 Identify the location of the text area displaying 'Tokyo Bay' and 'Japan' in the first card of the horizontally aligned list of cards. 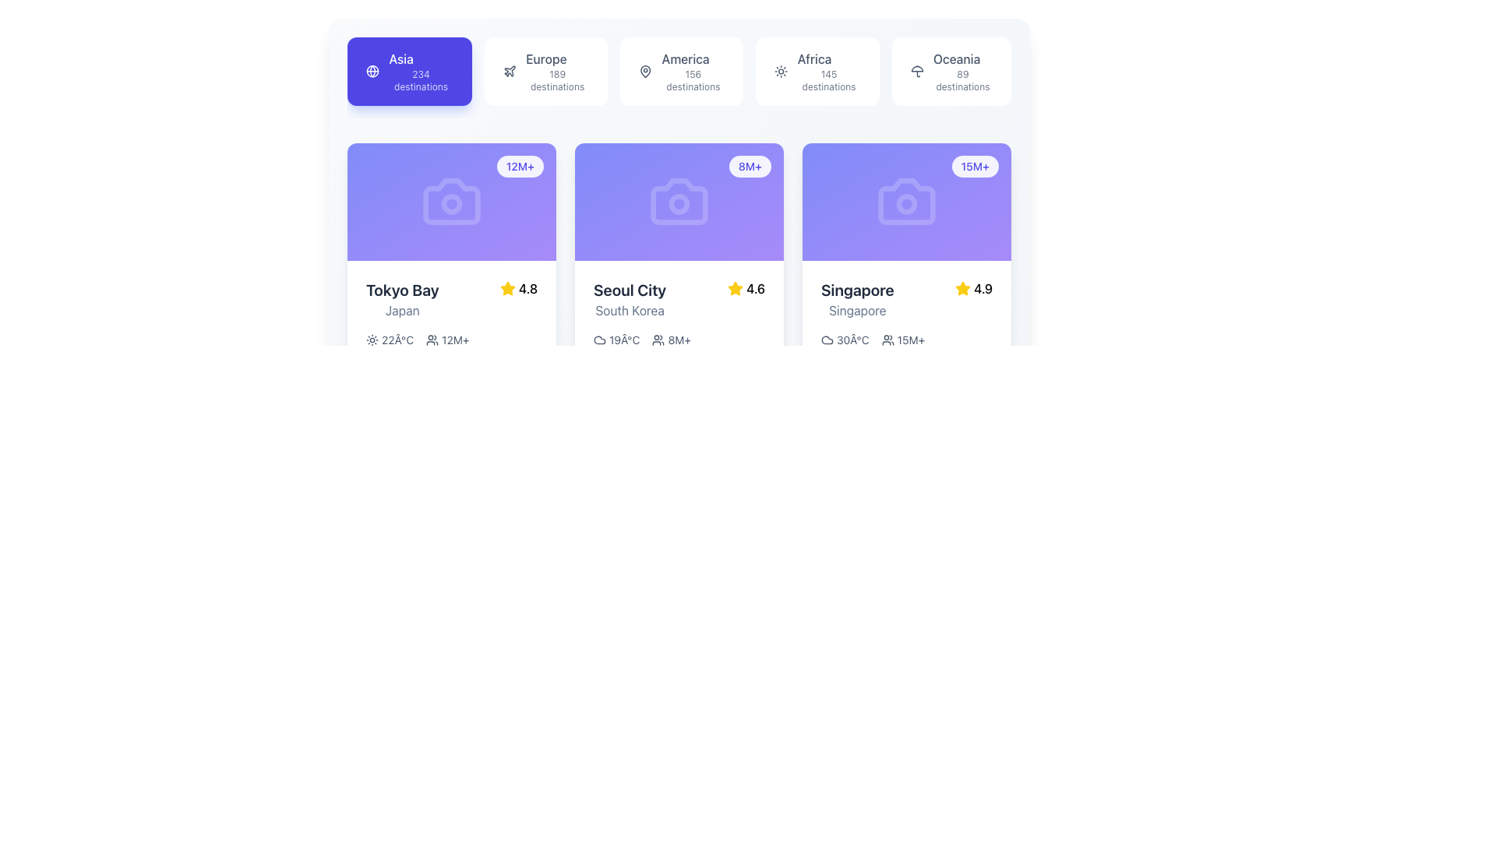
(402, 299).